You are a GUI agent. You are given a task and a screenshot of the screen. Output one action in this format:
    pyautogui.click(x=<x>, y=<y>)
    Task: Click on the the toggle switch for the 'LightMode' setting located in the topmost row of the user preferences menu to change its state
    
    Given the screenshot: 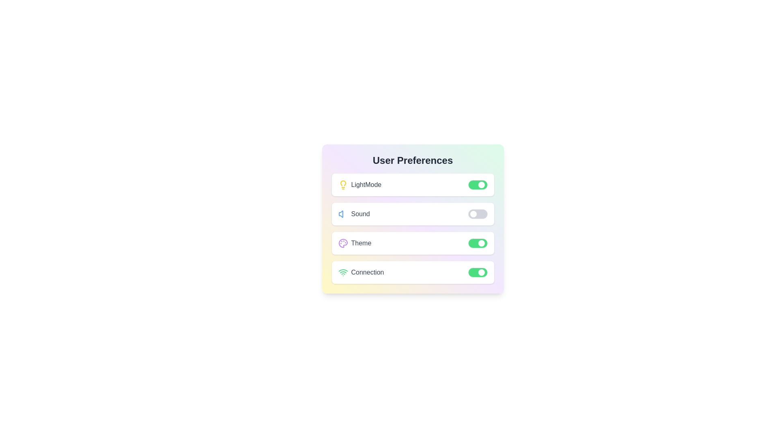 What is the action you would take?
    pyautogui.click(x=478, y=185)
    